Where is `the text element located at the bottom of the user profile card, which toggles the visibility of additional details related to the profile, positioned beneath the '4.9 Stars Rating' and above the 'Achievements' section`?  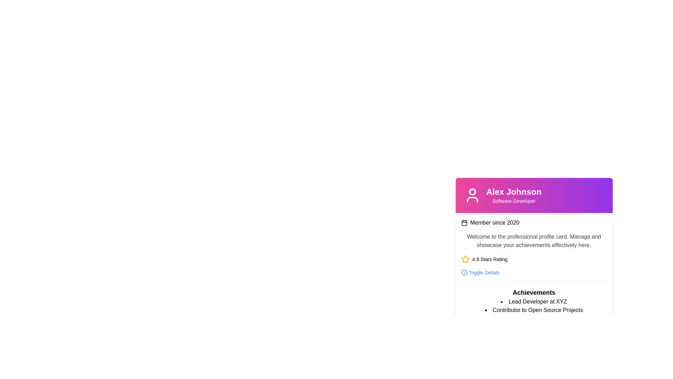 the text element located at the bottom of the user profile card, which toggles the visibility of additional details related to the profile, positioned beneath the '4.9 Stars Rating' and above the 'Achievements' section is located at coordinates (484, 272).